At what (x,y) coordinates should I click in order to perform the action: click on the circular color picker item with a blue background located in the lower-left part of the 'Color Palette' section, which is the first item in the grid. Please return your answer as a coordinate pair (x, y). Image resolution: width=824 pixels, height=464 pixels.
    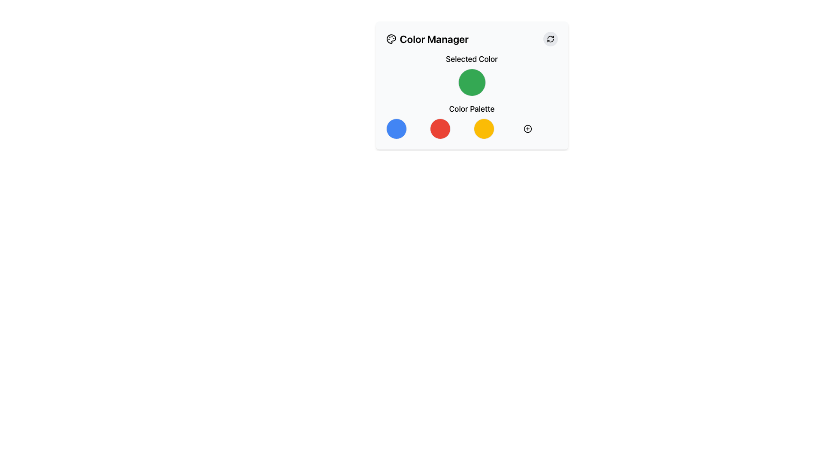
    Looking at the image, I should click on (396, 129).